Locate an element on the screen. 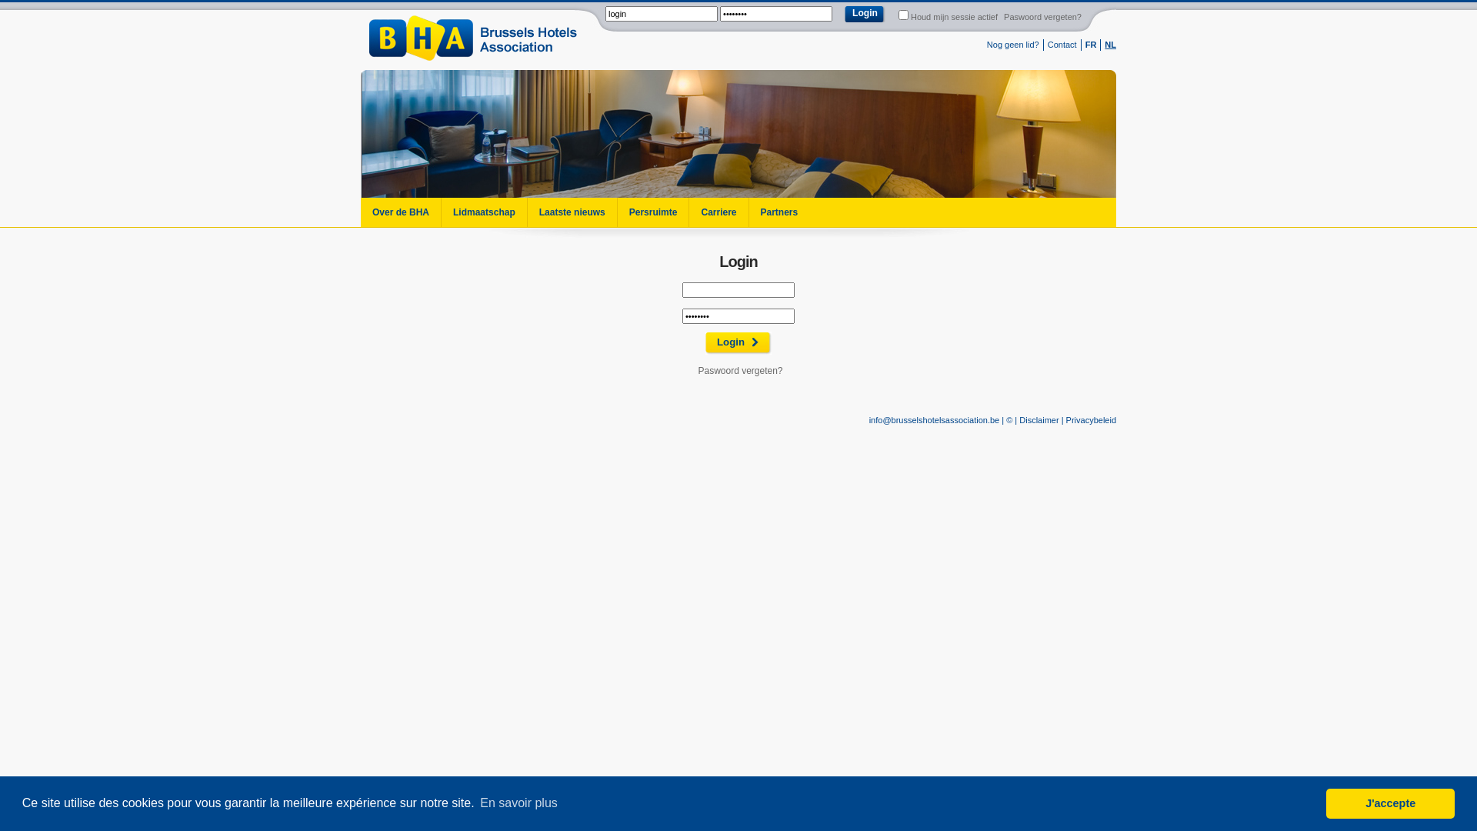  'Lidmaatschap' is located at coordinates (482, 212).